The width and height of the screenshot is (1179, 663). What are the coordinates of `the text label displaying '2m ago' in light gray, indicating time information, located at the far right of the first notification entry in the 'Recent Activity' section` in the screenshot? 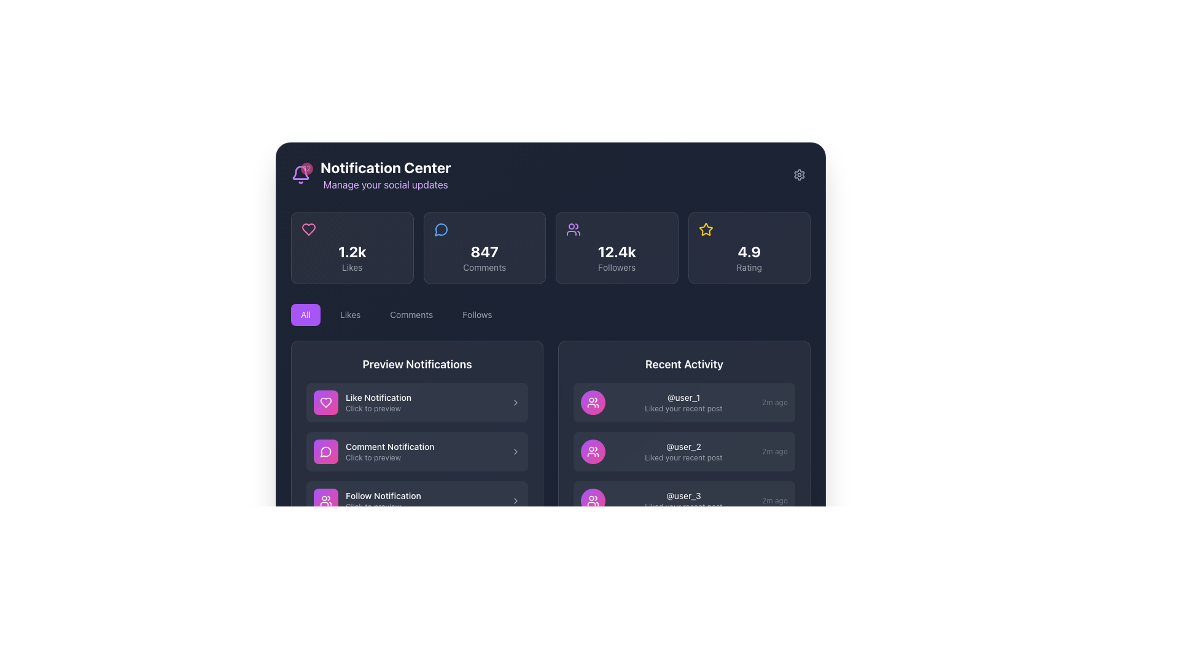 It's located at (774, 402).